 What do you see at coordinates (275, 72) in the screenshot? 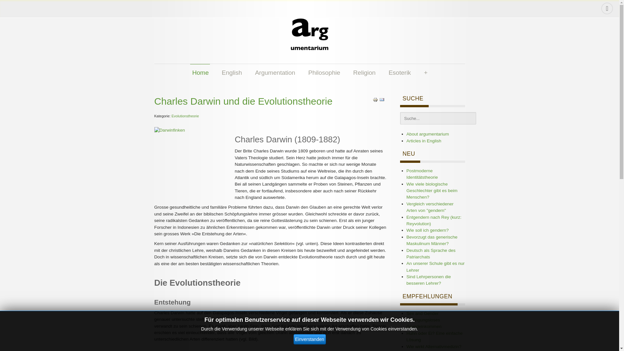
I see `'Argumentation'` at bounding box center [275, 72].